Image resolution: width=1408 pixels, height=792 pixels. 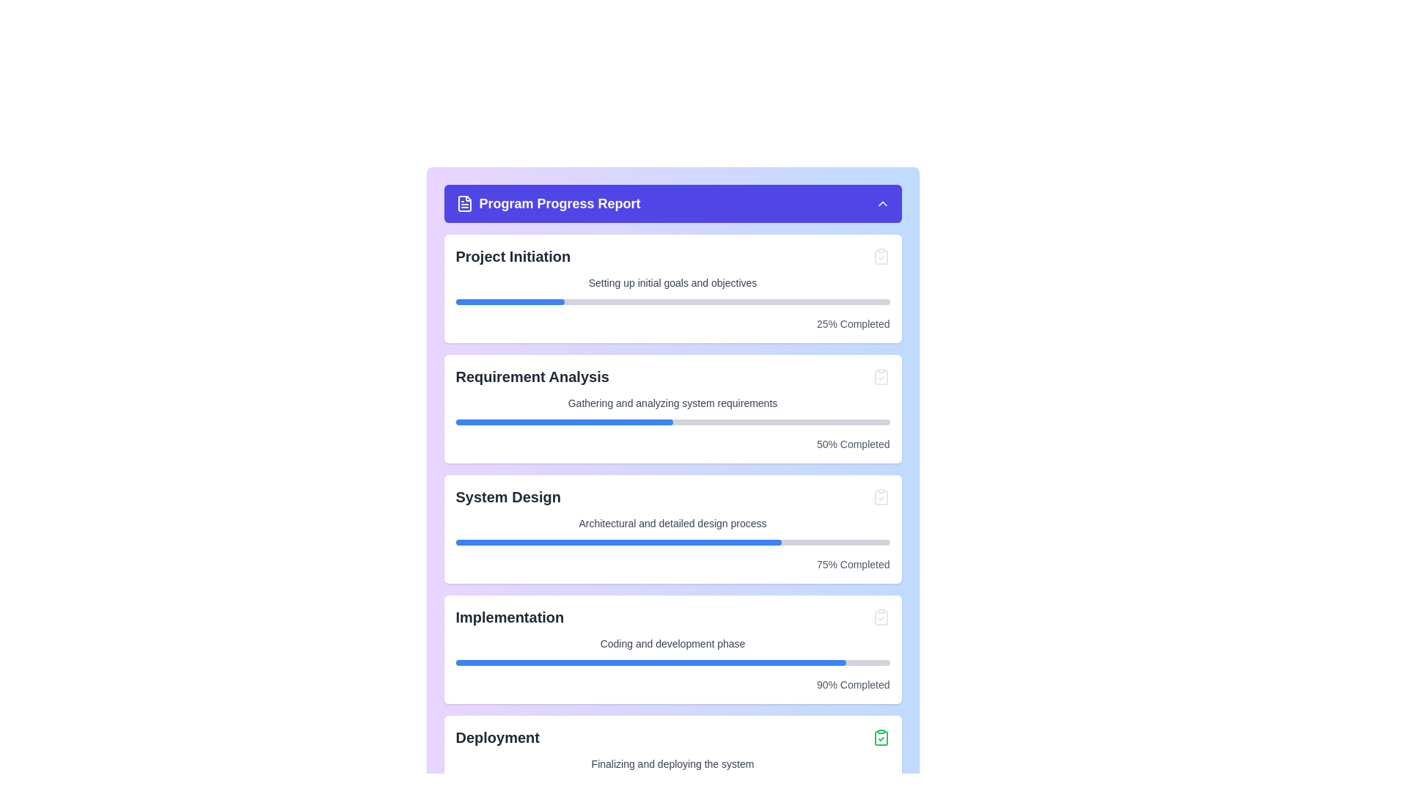 What do you see at coordinates (880, 738) in the screenshot?
I see `the confirmation icon located at the far right of the 'Deployment' section` at bounding box center [880, 738].